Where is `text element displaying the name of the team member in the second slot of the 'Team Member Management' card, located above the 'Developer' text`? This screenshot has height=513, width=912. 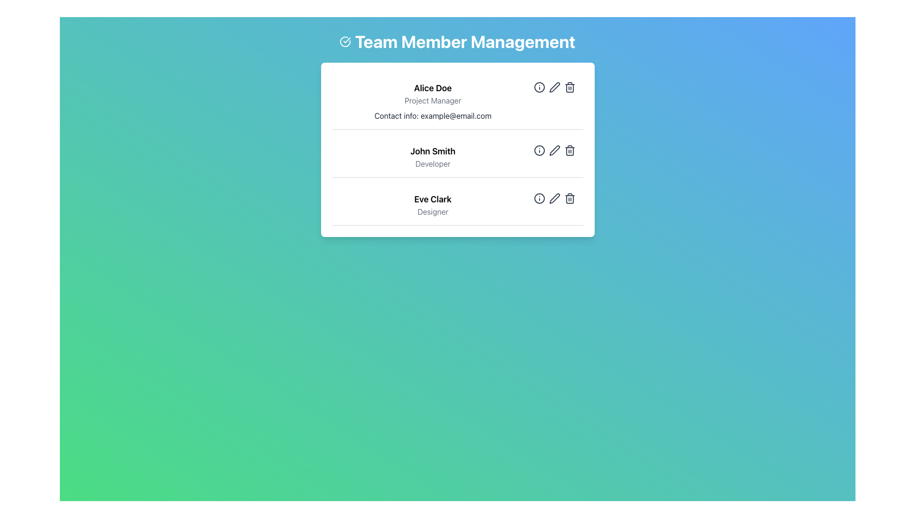 text element displaying the name of the team member in the second slot of the 'Team Member Management' card, located above the 'Developer' text is located at coordinates (432, 151).